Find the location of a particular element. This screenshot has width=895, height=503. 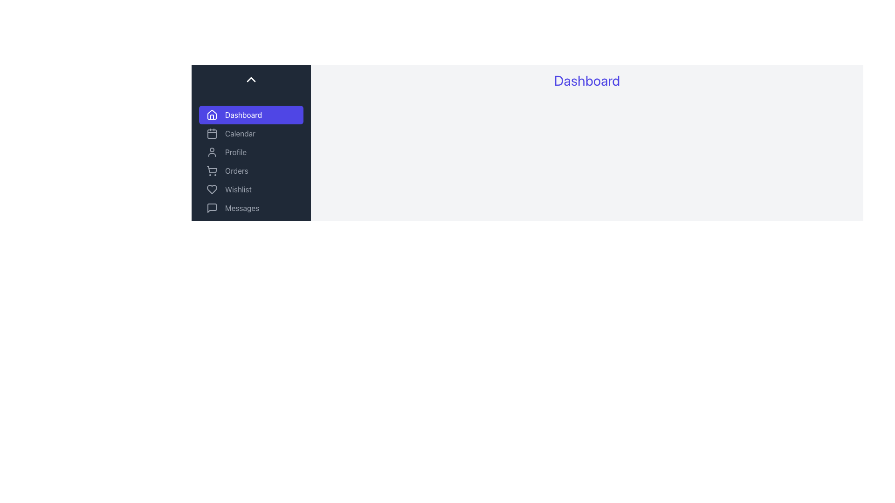

the navigational menu items in the sidebar is located at coordinates (251, 170).